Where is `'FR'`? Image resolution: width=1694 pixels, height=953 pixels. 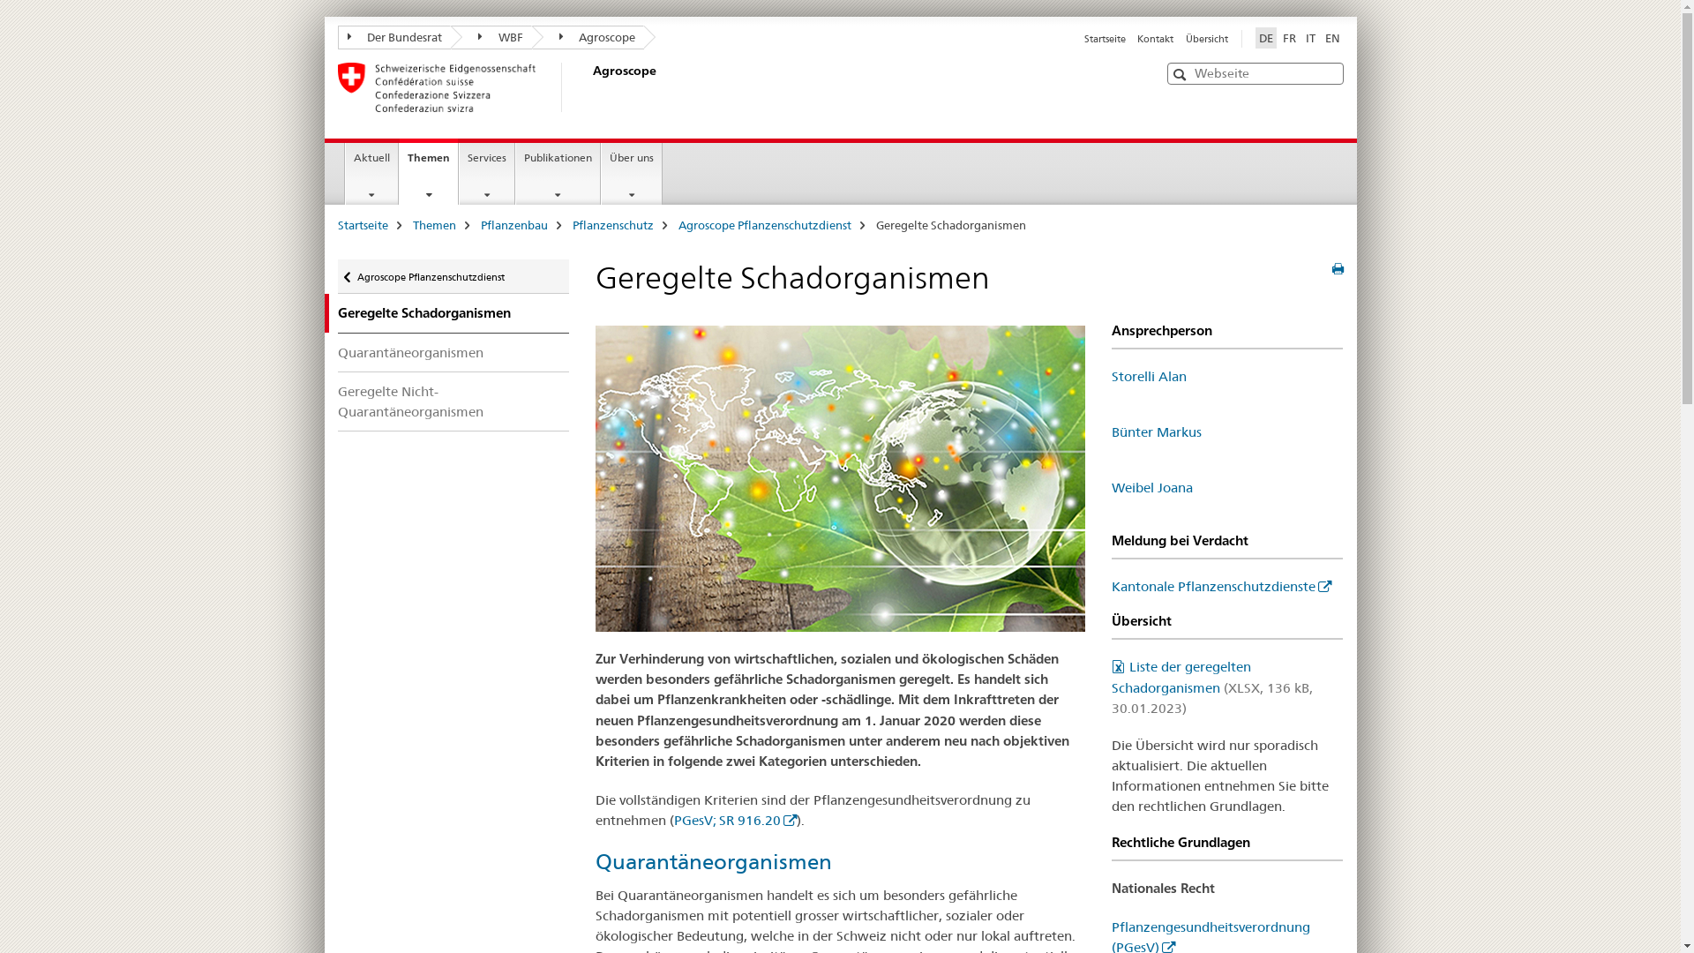 'FR' is located at coordinates (1289, 37).